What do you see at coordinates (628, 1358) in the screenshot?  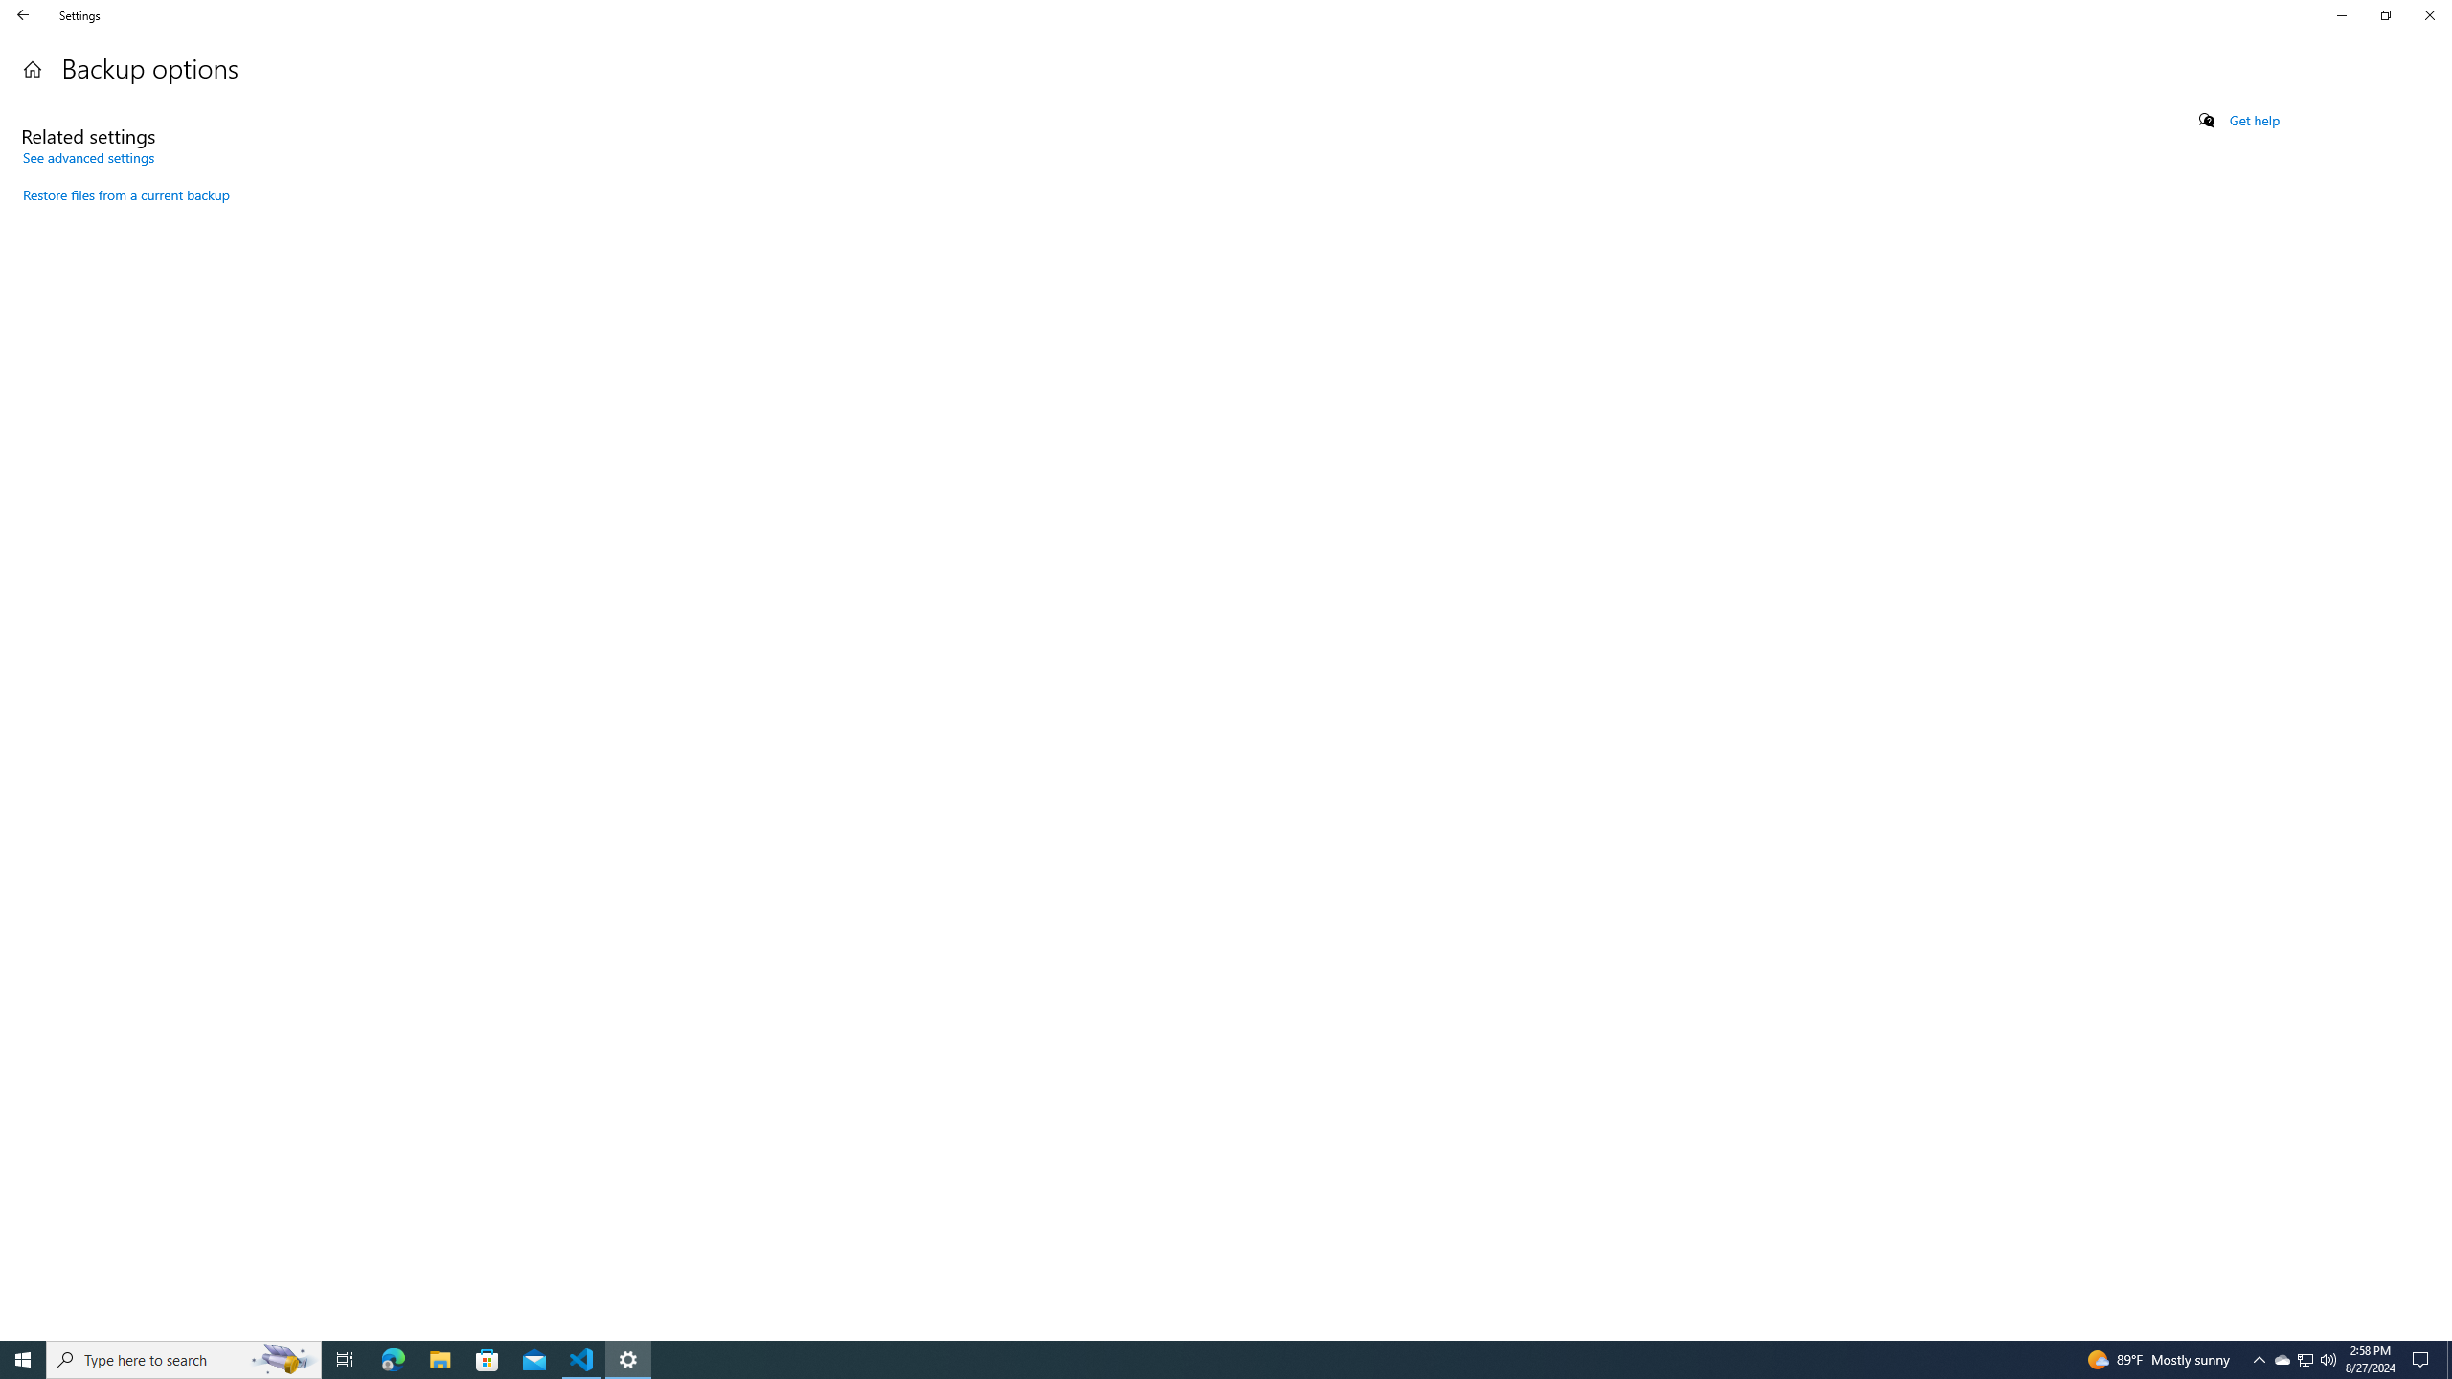 I see `'Settings - 1 running window'` at bounding box center [628, 1358].